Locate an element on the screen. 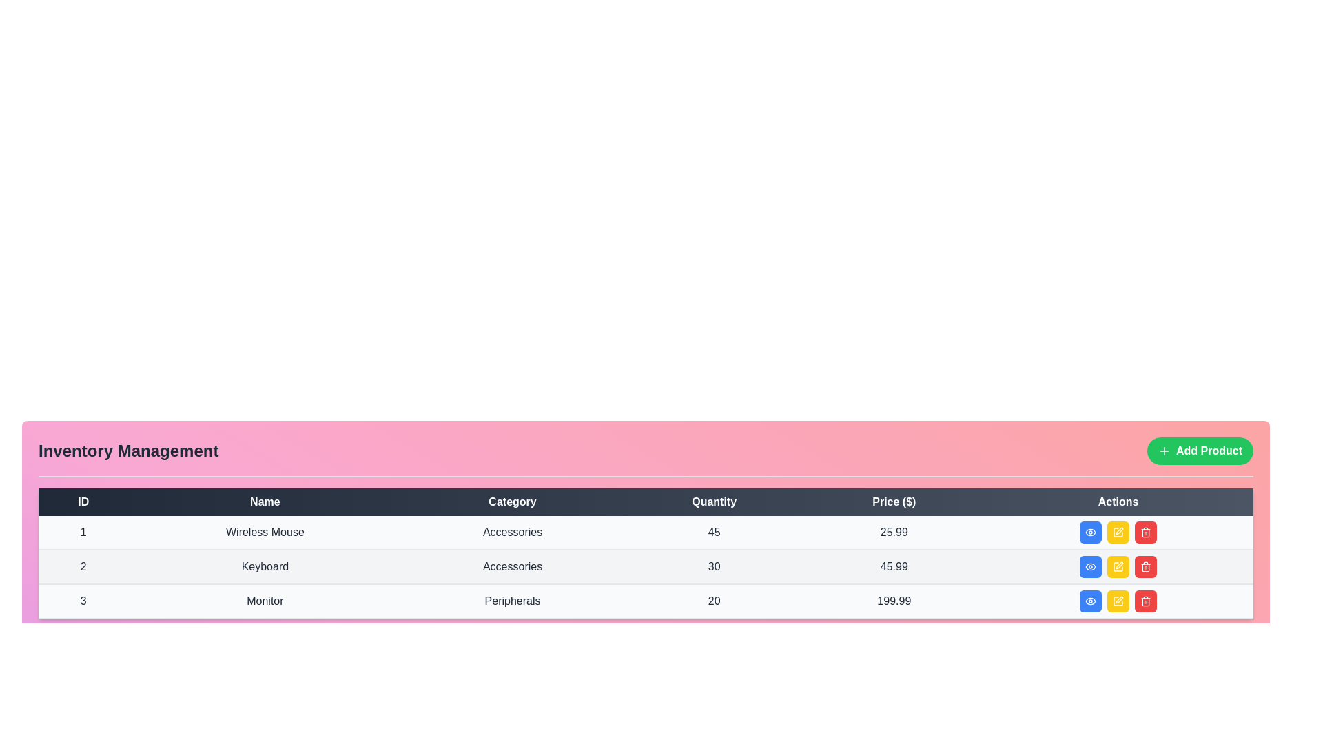 This screenshot has width=1323, height=744. text from the product name label located in the third row, second column of the inventory table in the Inventory Management interface is located at coordinates (265, 600).